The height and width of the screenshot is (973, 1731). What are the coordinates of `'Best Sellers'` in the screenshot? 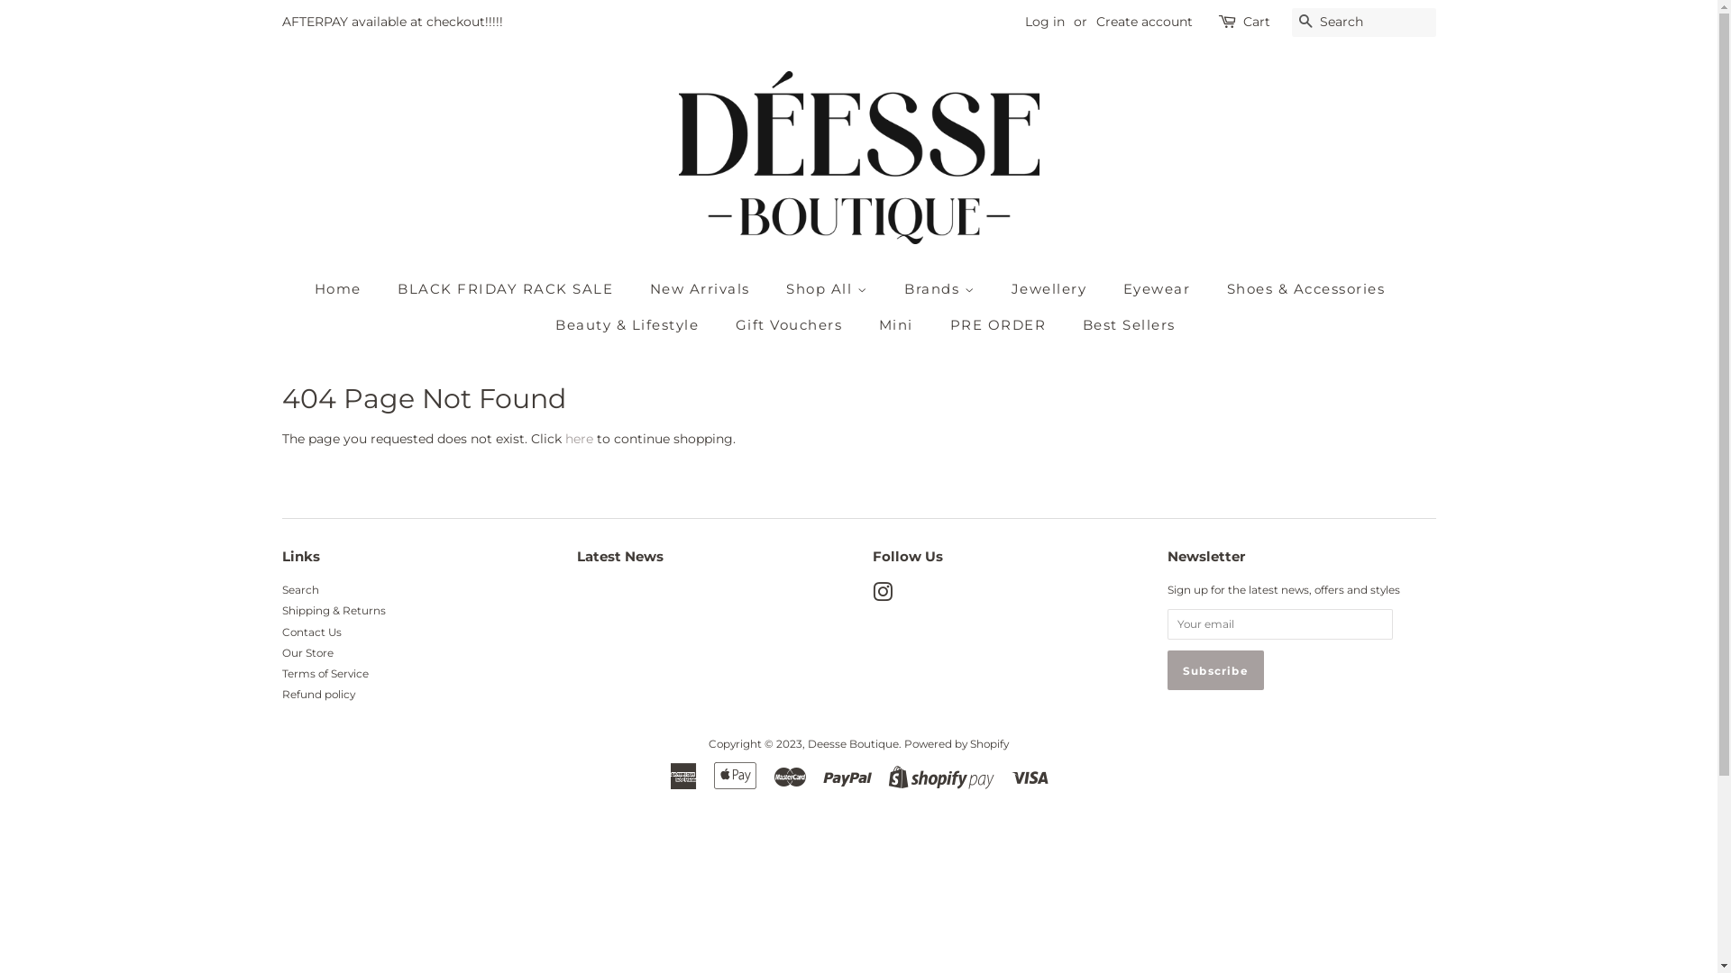 It's located at (1121, 325).